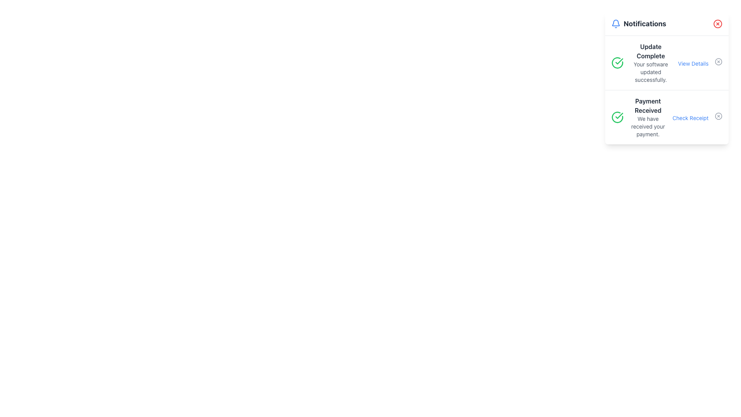 The image size is (741, 417). What do you see at coordinates (648, 126) in the screenshot?
I see `the text snippet styled in a small, gray font that reads 'We have received your payment.' located below the bold header 'Payment Received' in the notification panel` at bounding box center [648, 126].